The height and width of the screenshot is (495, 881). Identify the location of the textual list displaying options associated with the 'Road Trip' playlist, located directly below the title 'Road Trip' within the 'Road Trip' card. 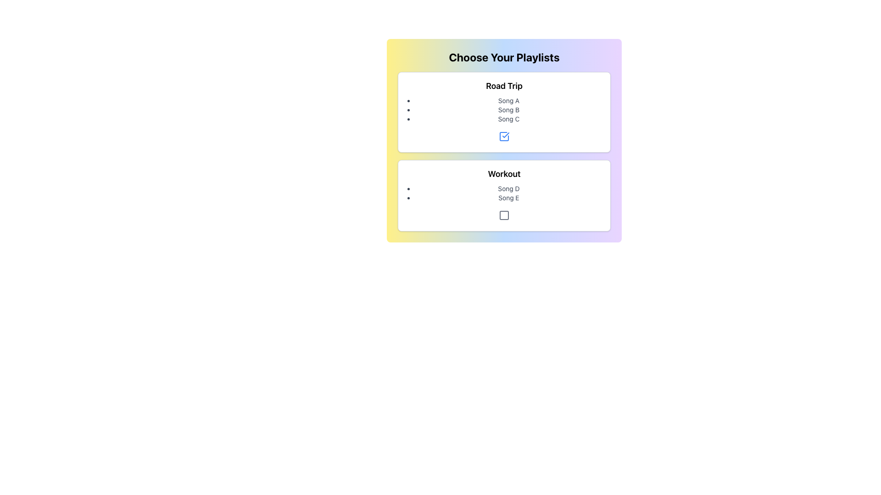
(504, 109).